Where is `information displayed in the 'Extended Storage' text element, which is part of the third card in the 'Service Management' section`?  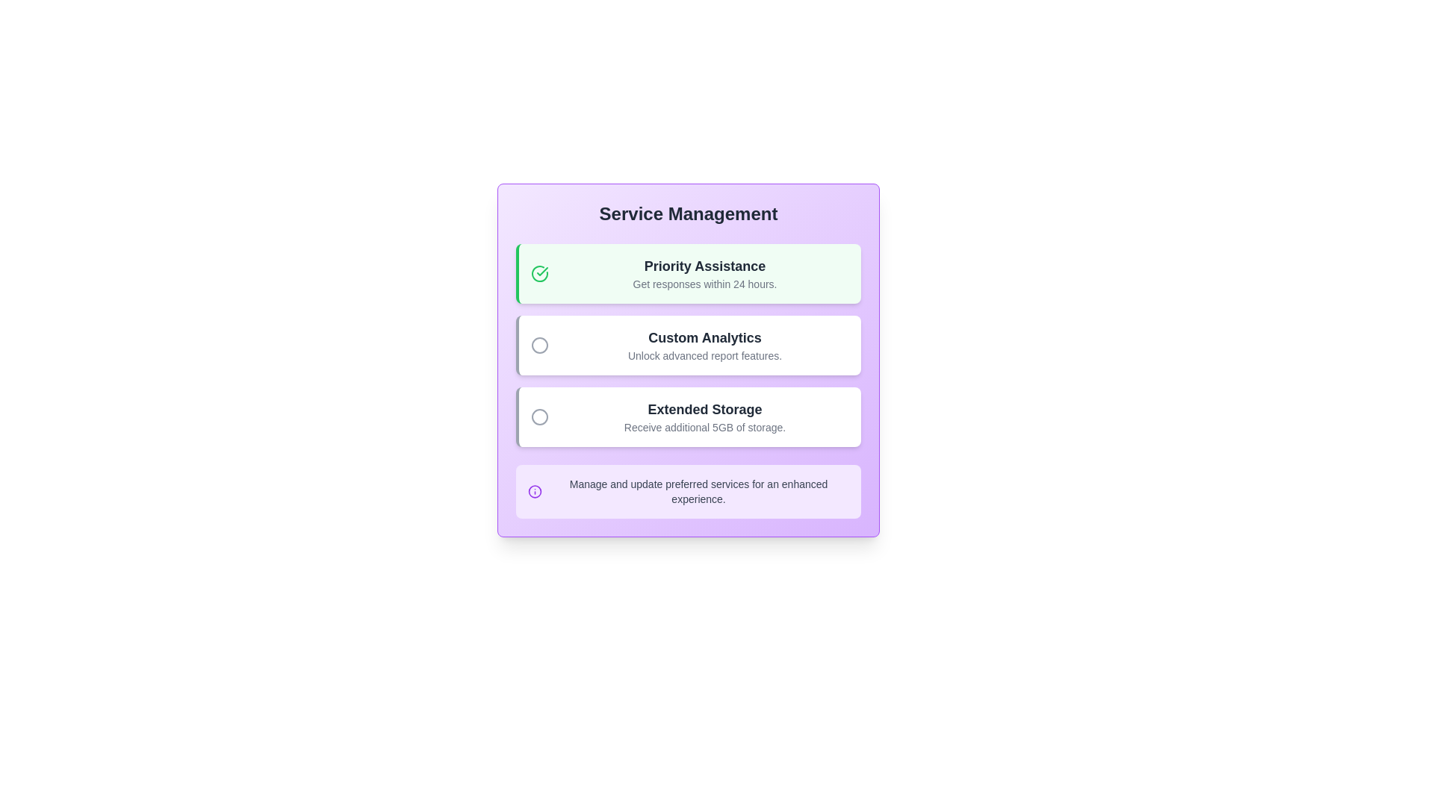
information displayed in the 'Extended Storage' text element, which is part of the third card in the 'Service Management' section is located at coordinates (704, 417).